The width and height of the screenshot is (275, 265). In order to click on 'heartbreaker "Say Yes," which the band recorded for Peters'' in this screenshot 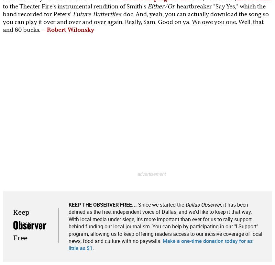, I will do `click(134, 10)`.